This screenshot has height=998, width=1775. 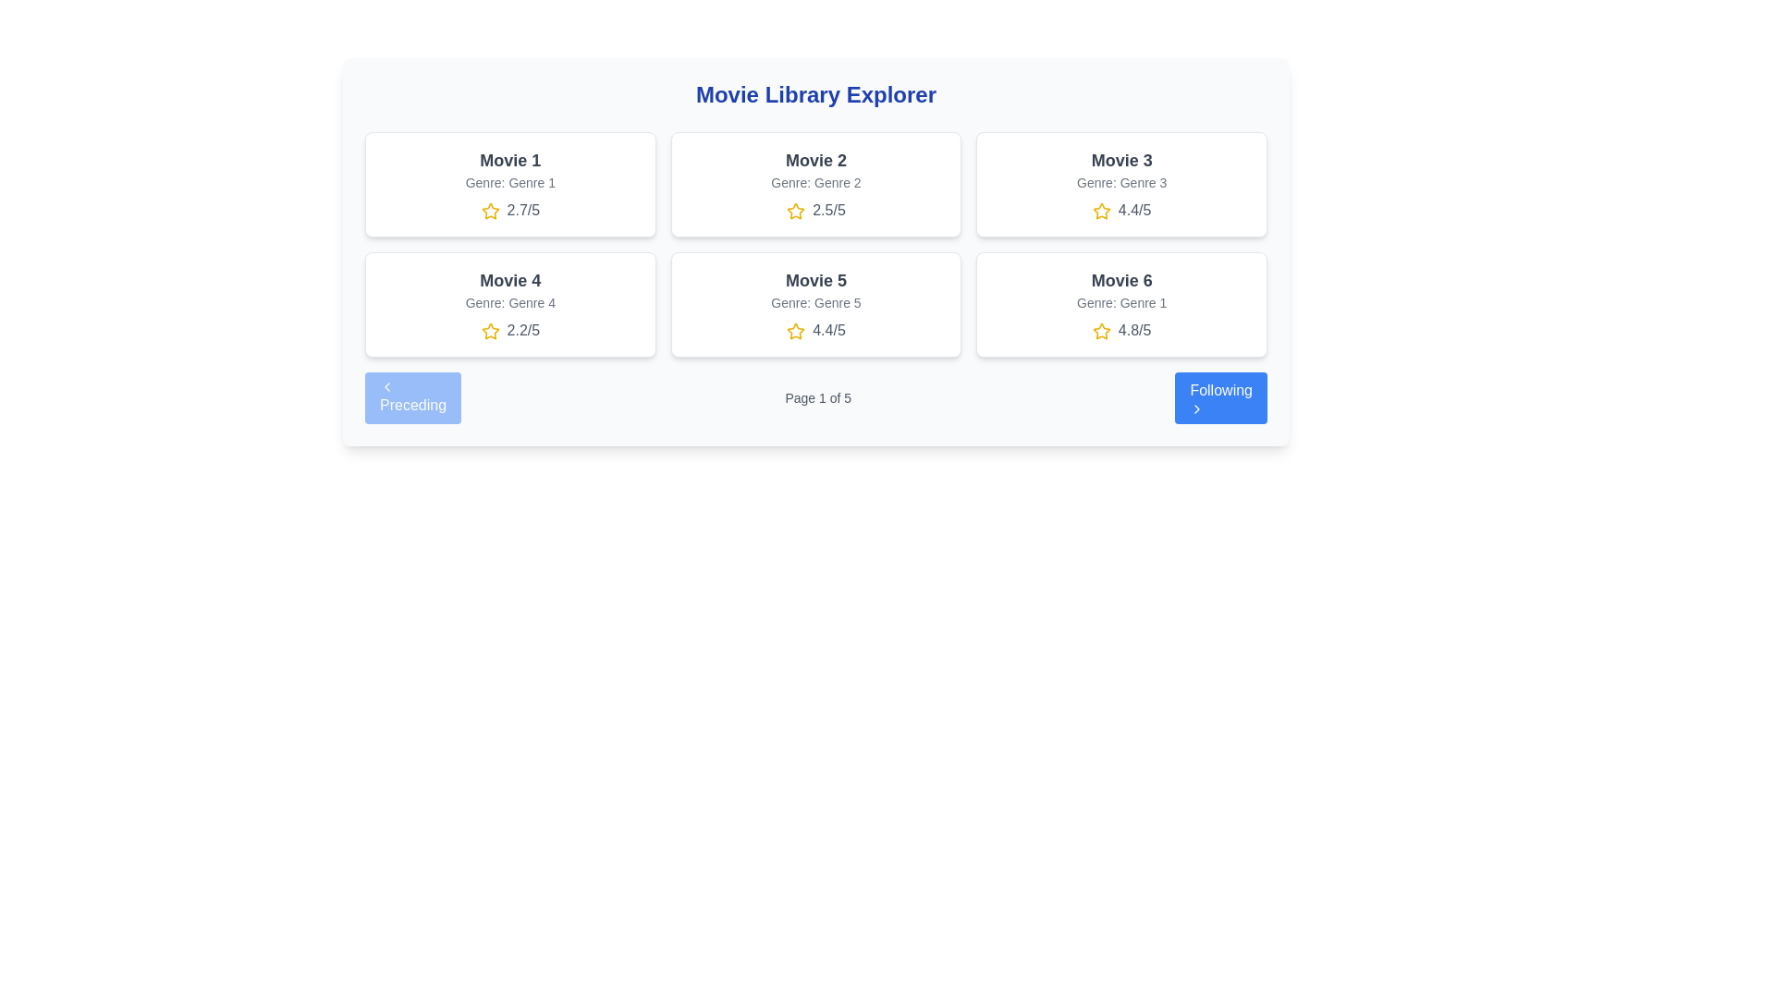 What do you see at coordinates (1221, 397) in the screenshot?
I see `the 'Following' button with rounded corners and a blue background located at the bottom-right corner of the interface` at bounding box center [1221, 397].